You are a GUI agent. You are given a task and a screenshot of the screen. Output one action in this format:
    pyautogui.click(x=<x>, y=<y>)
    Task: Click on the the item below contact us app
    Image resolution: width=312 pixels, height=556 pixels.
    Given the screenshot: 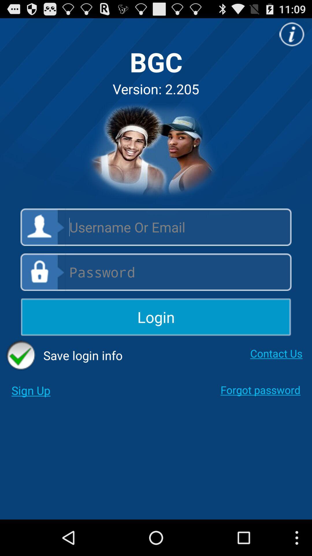 What is the action you would take?
    pyautogui.click(x=260, y=390)
    